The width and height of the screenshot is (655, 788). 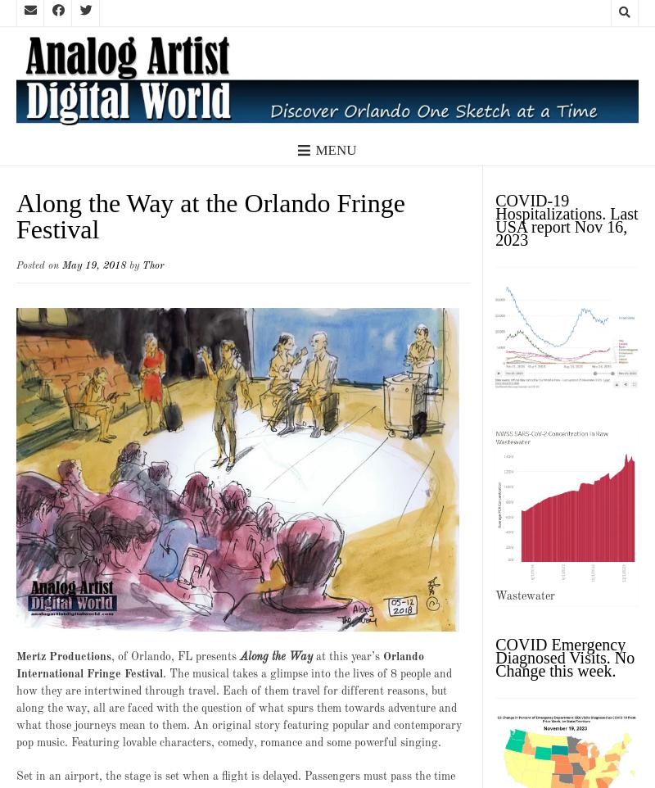 What do you see at coordinates (152, 264) in the screenshot?
I see `'Thor'` at bounding box center [152, 264].